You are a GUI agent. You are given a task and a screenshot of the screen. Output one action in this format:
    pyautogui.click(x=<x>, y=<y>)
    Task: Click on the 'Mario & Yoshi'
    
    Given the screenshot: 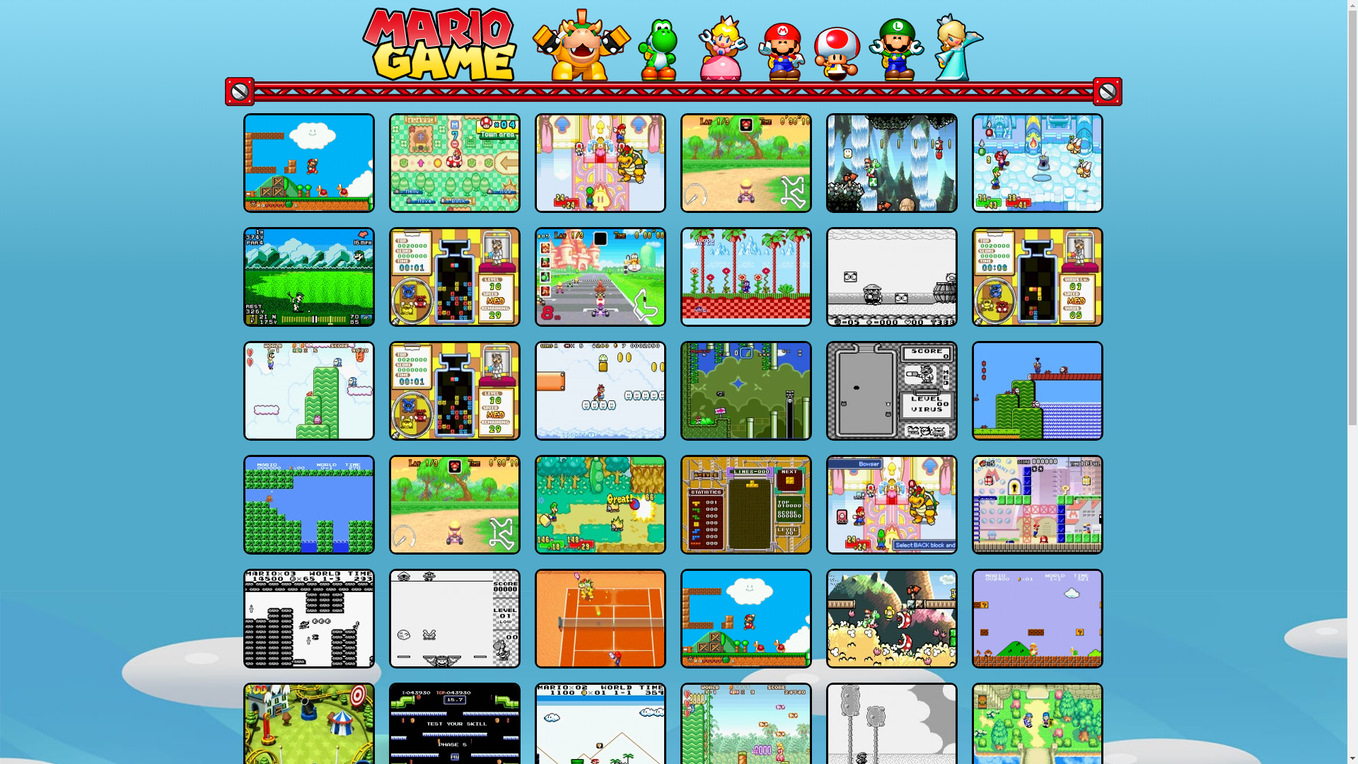 What is the action you would take?
    pyautogui.click(x=455, y=616)
    